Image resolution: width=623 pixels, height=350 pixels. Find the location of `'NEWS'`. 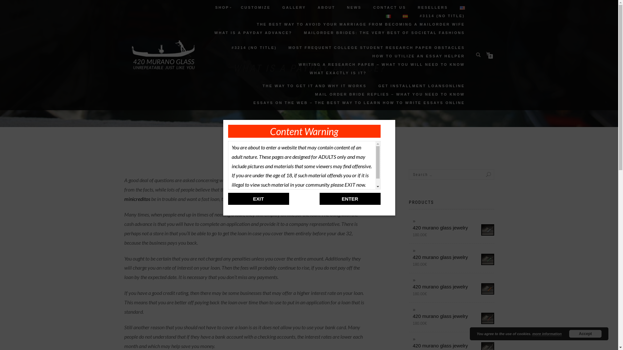

'NEWS' is located at coordinates (354, 7).